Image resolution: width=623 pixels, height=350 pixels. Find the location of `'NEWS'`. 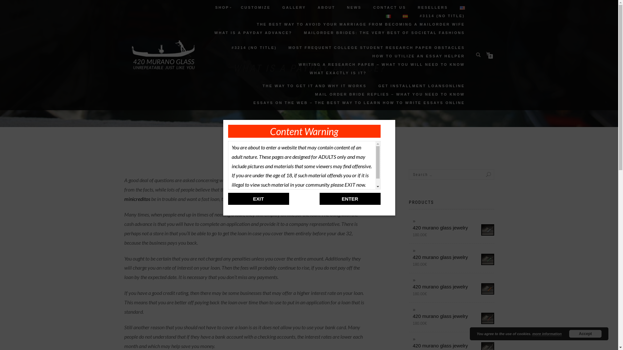

'NEWS' is located at coordinates (354, 7).